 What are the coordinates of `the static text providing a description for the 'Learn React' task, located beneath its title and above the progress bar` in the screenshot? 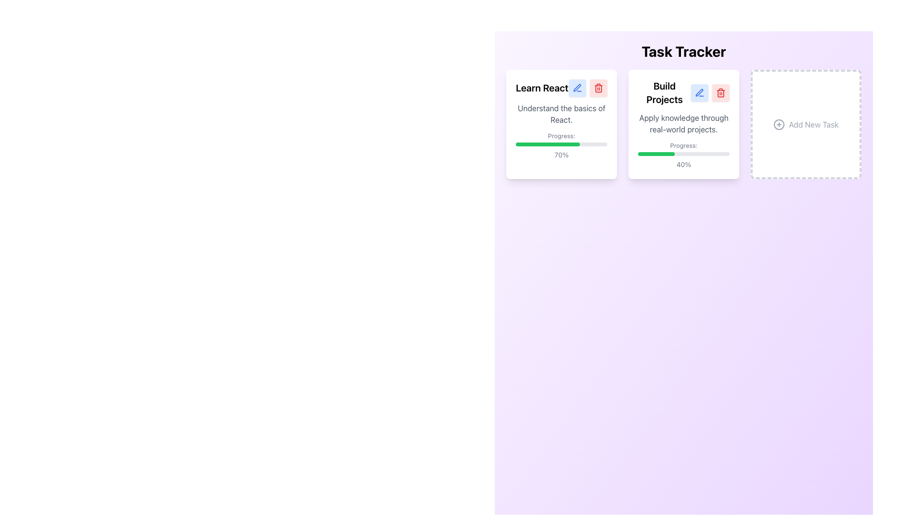 It's located at (561, 113).